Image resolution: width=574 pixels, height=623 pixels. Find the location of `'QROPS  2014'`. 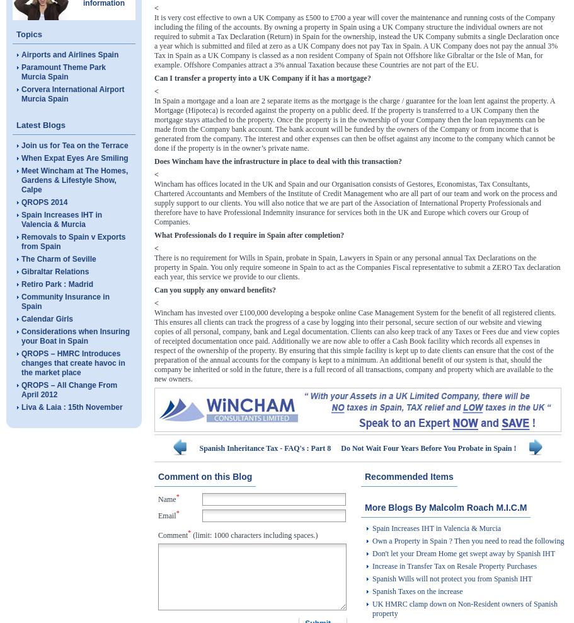

'QROPS  2014' is located at coordinates (43, 202).